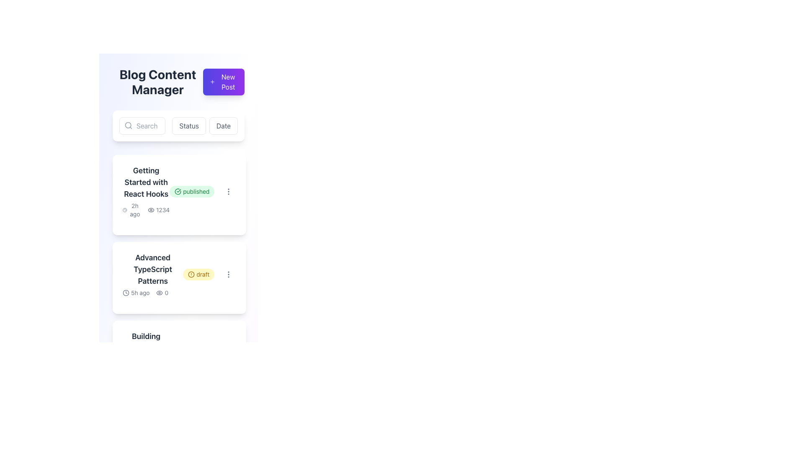 The width and height of the screenshot is (804, 452). Describe the element at coordinates (198, 274) in the screenshot. I see `label of the Status Badge indicating the current status of the article 'draft', located to the right of the 'Advanced TypeScript Patterns' heading in the second card of the list view` at that location.